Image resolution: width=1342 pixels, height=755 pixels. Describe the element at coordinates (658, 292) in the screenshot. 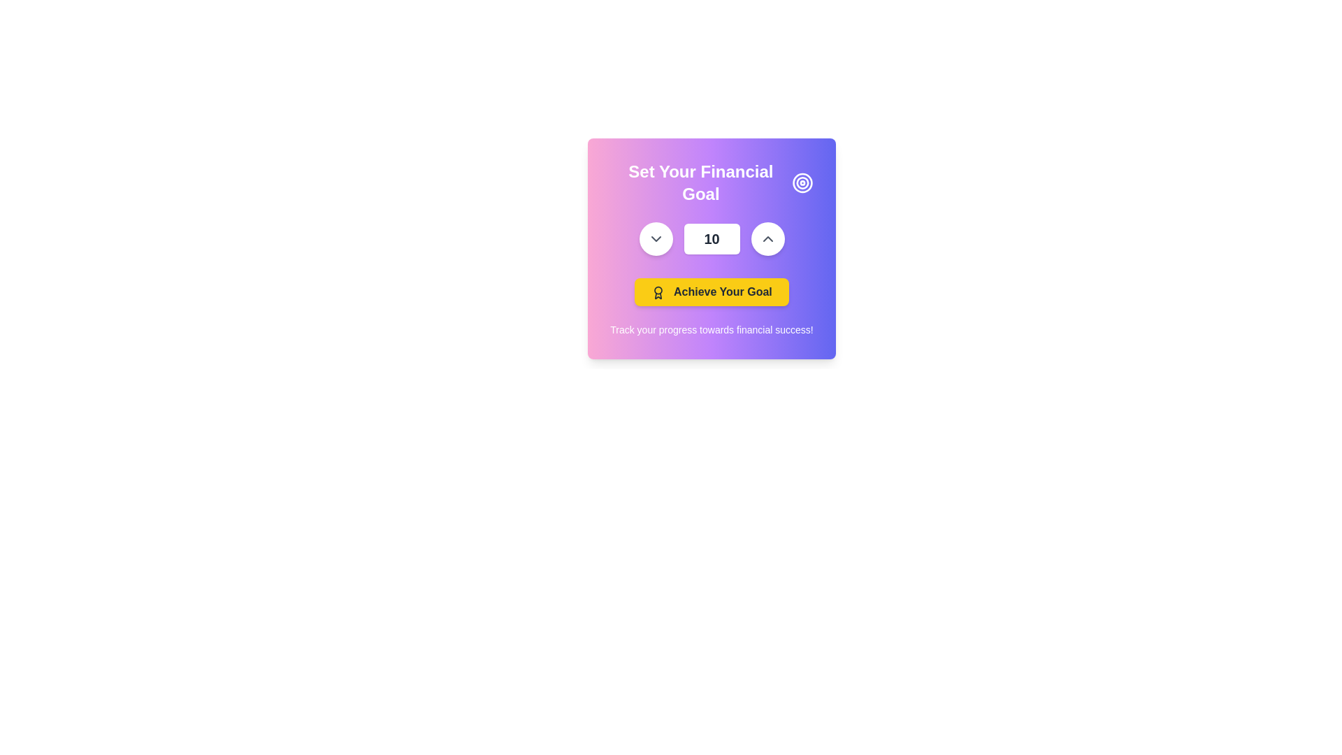

I see `the yellow button labeled 'Achieve Your Goal' which contains the decorative icon on its left side` at that location.